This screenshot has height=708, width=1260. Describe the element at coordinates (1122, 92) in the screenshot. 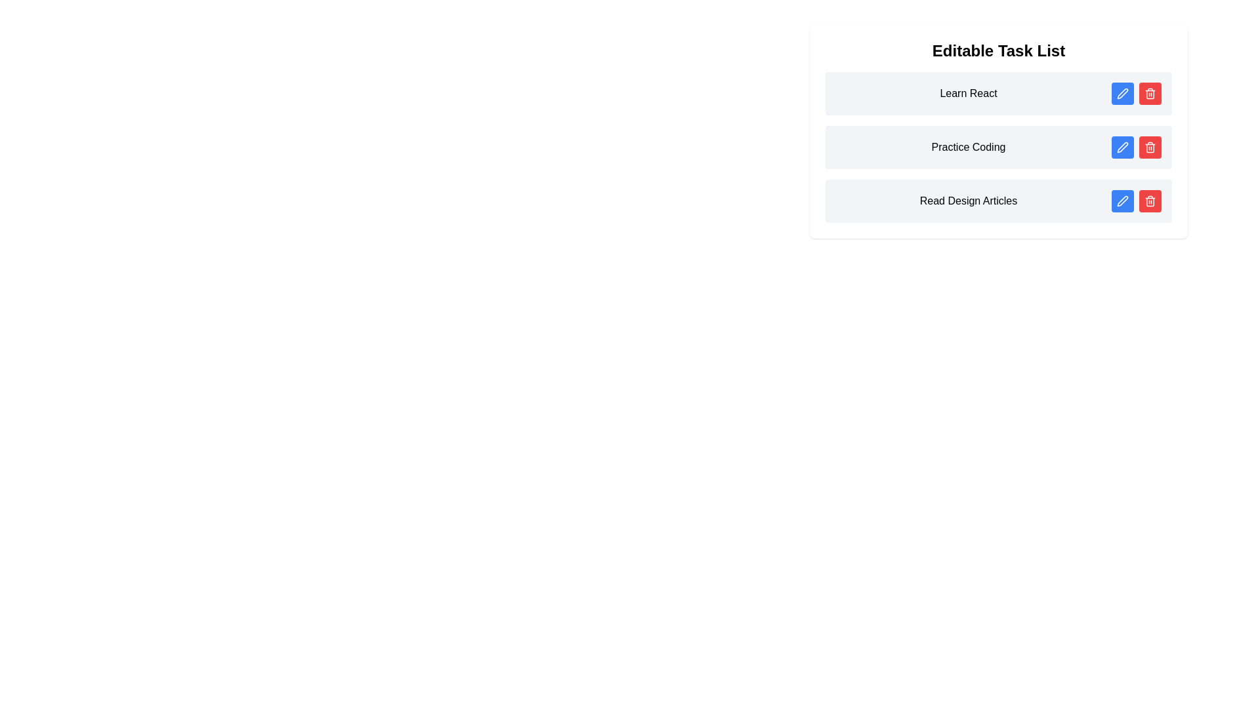

I see `the blue icon button with a white pen icon, located next to the 'Learn React' task item in the editable task list widget to observe its hover effect` at that location.